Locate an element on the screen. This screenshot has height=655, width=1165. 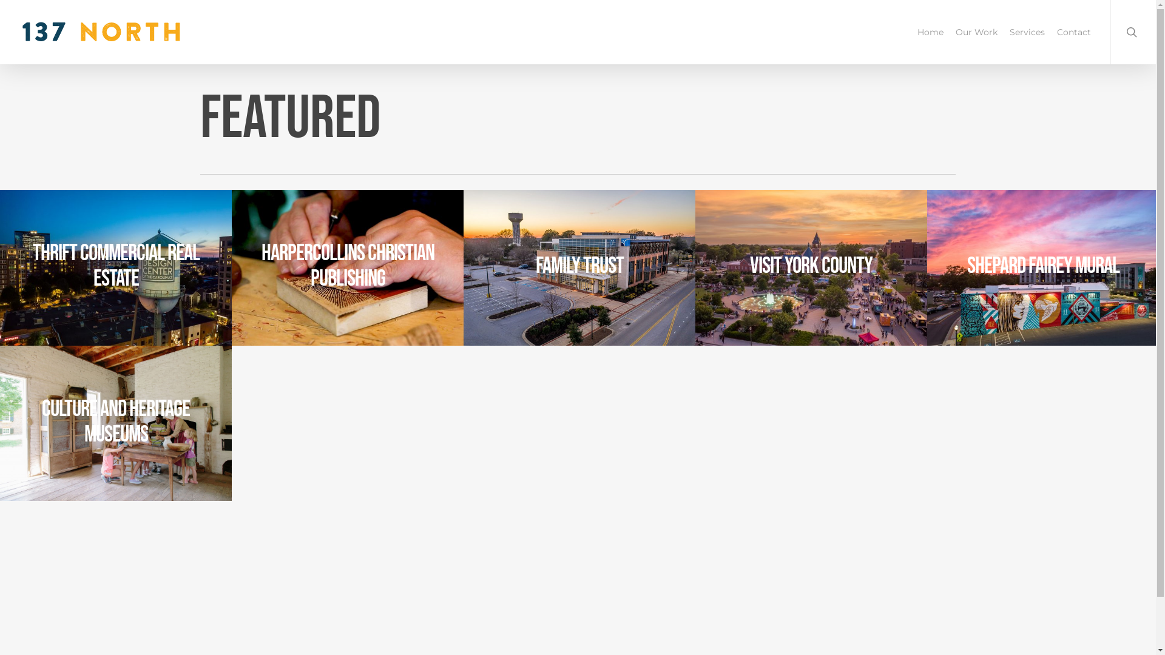
'Contact' is located at coordinates (1074, 32).